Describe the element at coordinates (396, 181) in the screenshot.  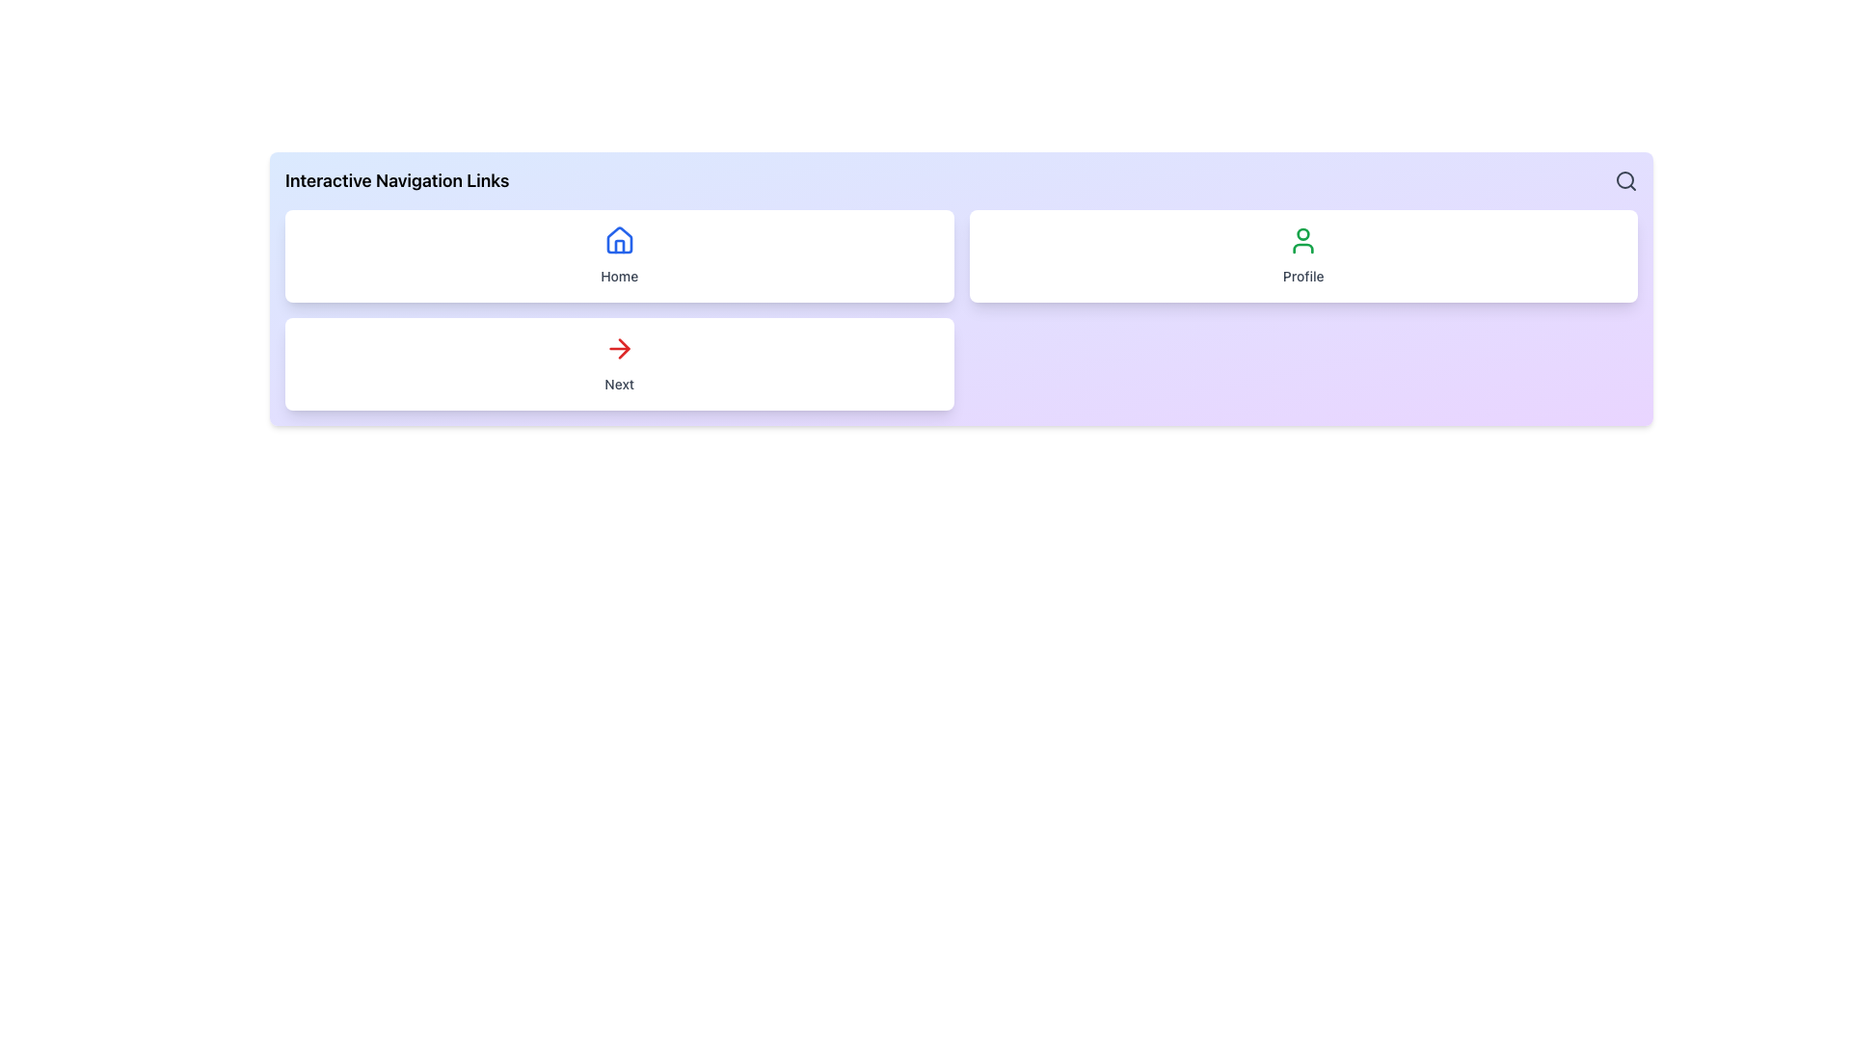
I see `the Text Label that serves as a header or title for the section, positioned in the upper left corner of the interface, significantly to the left of the search icon` at that location.